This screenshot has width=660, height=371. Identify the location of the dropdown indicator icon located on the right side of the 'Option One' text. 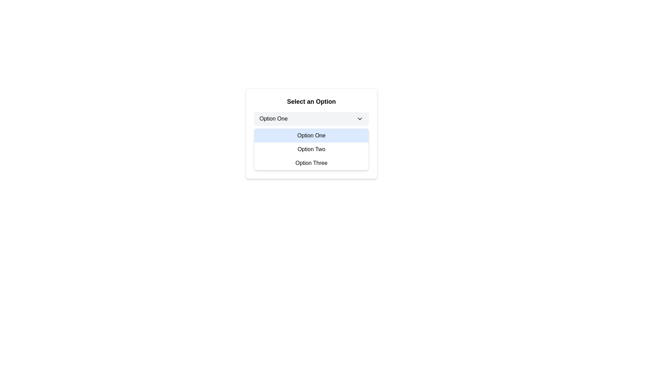
(359, 119).